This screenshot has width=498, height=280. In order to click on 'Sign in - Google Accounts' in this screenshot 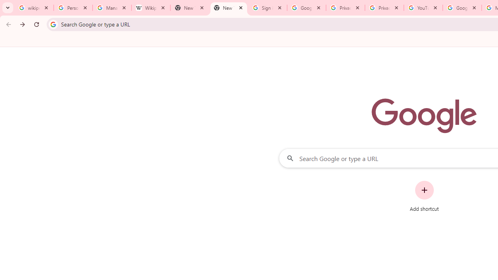, I will do `click(268, 8)`.